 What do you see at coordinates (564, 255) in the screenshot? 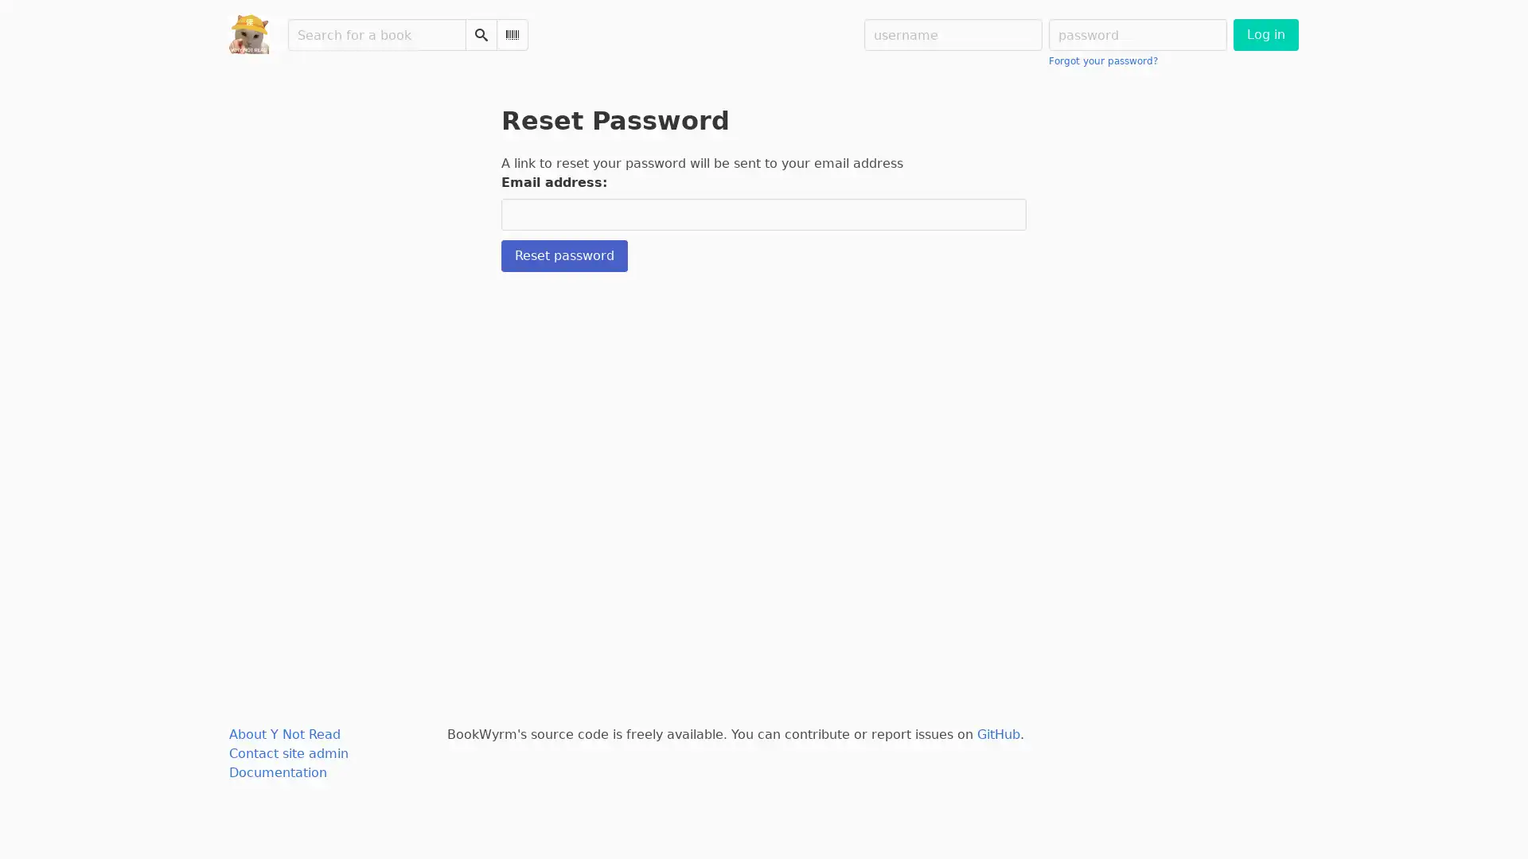
I see `Reset password` at bounding box center [564, 255].